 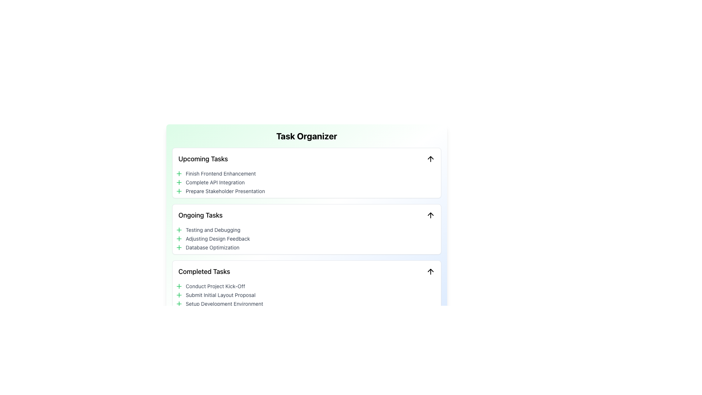 What do you see at coordinates (179, 173) in the screenshot?
I see `the icon at the start of the 'Finish Frontend Enhancement' task in the 'Upcoming Tasks' section to trigger a tooltip` at bounding box center [179, 173].